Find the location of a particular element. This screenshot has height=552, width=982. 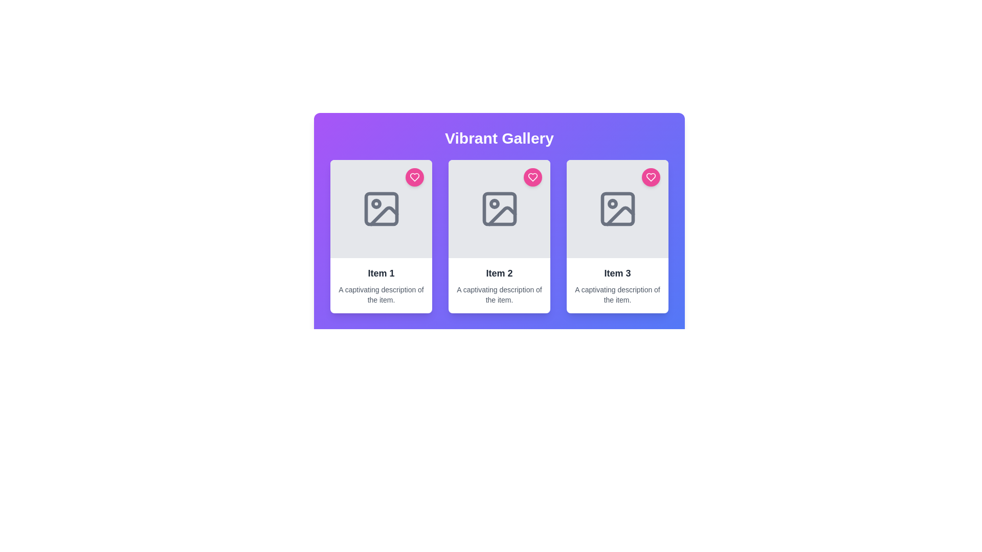

the Image placeholder (SVG icon) located in the center card under the title 'Vibrant Gallery', which features a small circle and a line within a square outline is located at coordinates (499, 208).